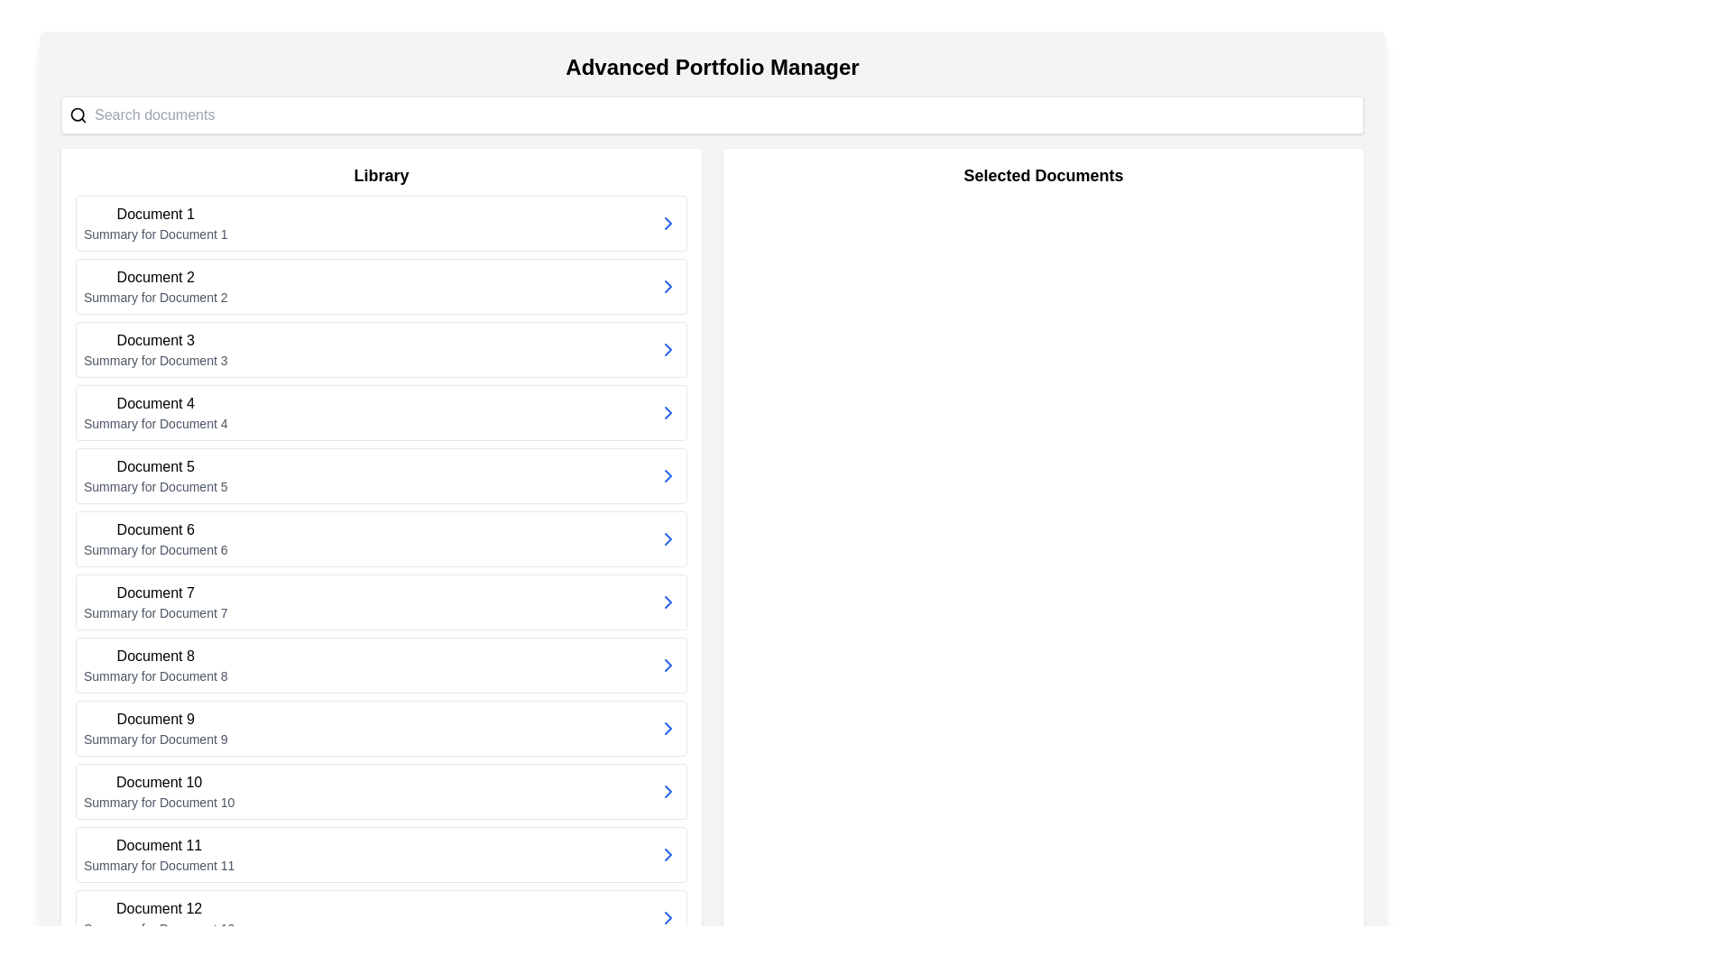 The height and width of the screenshot is (974, 1732). I want to click on the List item containing 'Document 4' with the summary 'Summary for Document 4' located in the Library section, so click(155, 413).